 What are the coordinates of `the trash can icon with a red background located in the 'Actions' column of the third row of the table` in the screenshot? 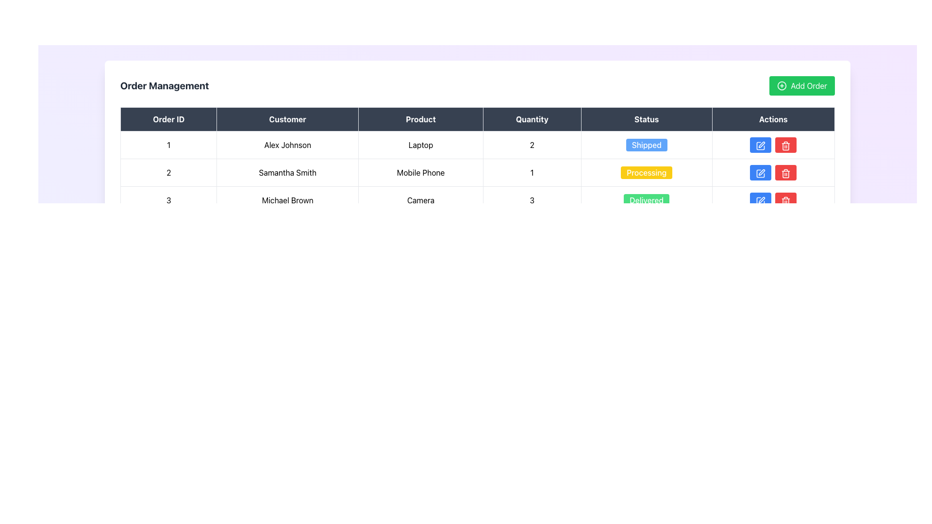 It's located at (786, 200).